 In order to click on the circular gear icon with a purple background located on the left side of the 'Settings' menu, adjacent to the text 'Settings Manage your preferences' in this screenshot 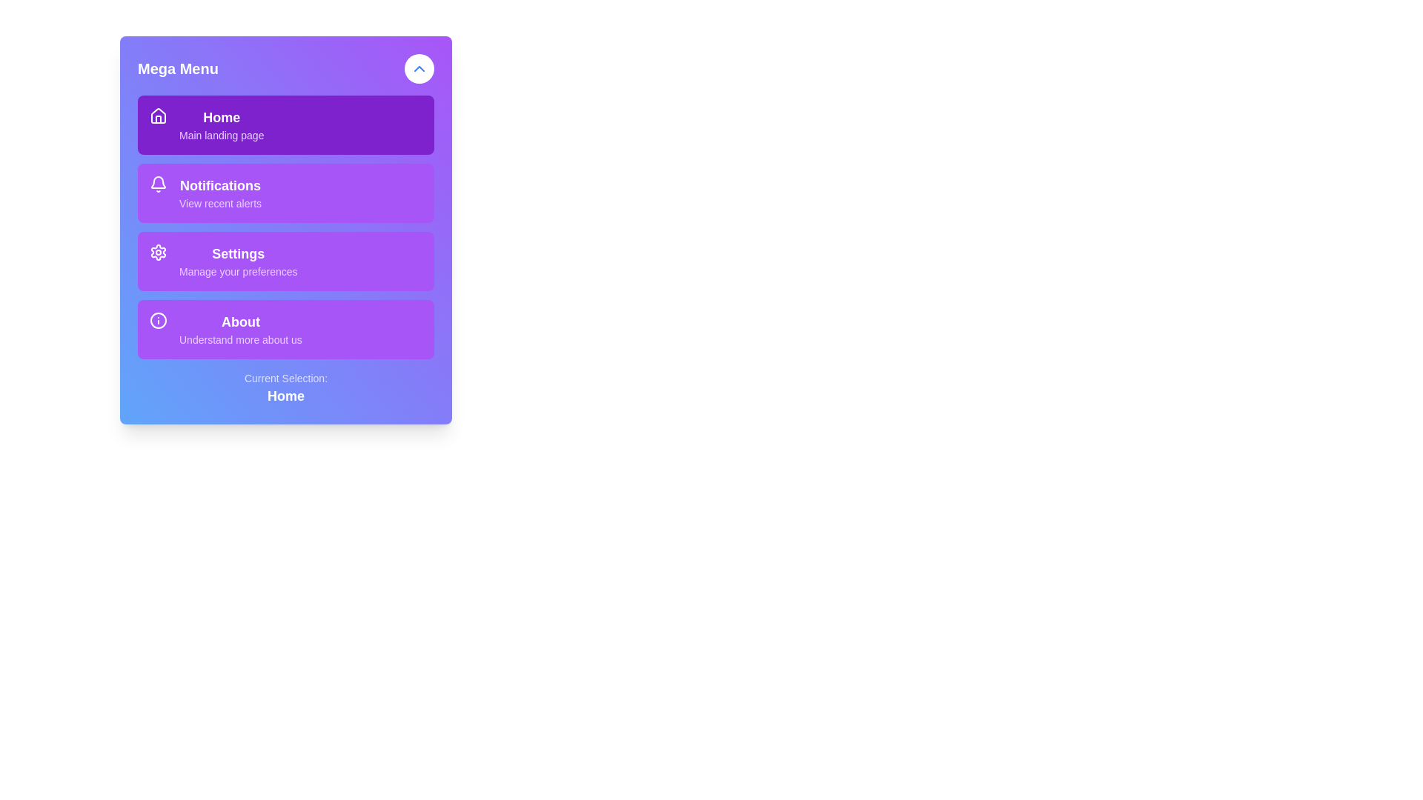, I will do `click(159, 251)`.